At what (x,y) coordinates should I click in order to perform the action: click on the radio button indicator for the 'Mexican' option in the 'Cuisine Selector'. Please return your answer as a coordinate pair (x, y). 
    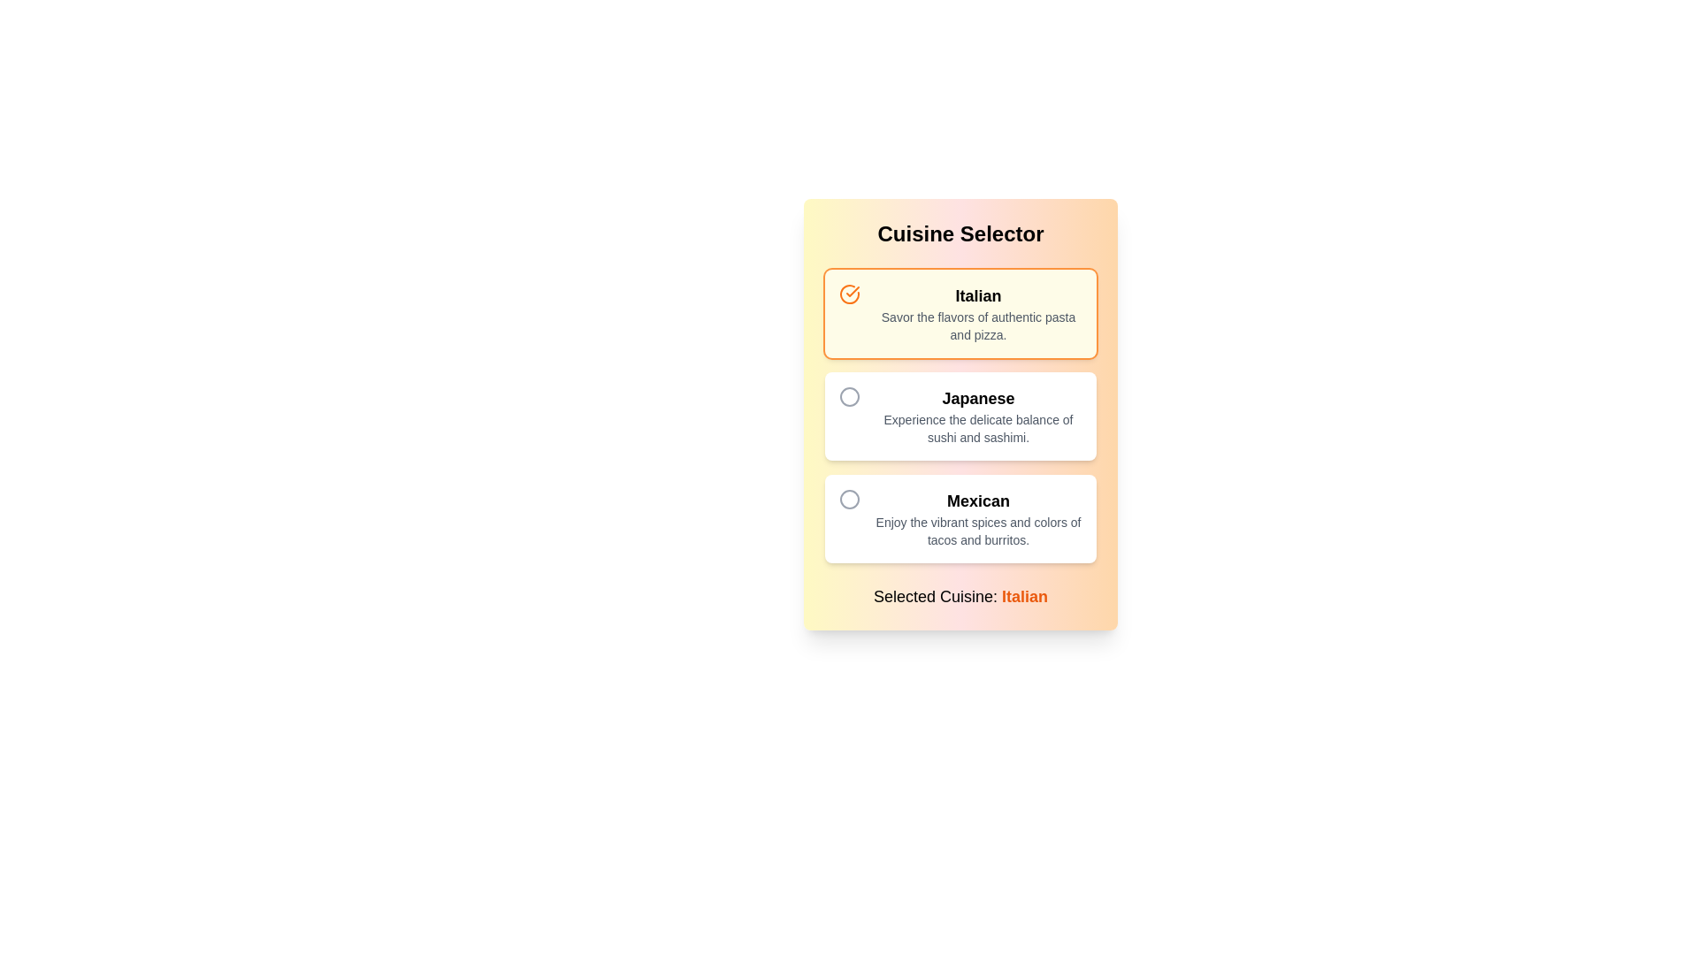
    Looking at the image, I should click on (849, 499).